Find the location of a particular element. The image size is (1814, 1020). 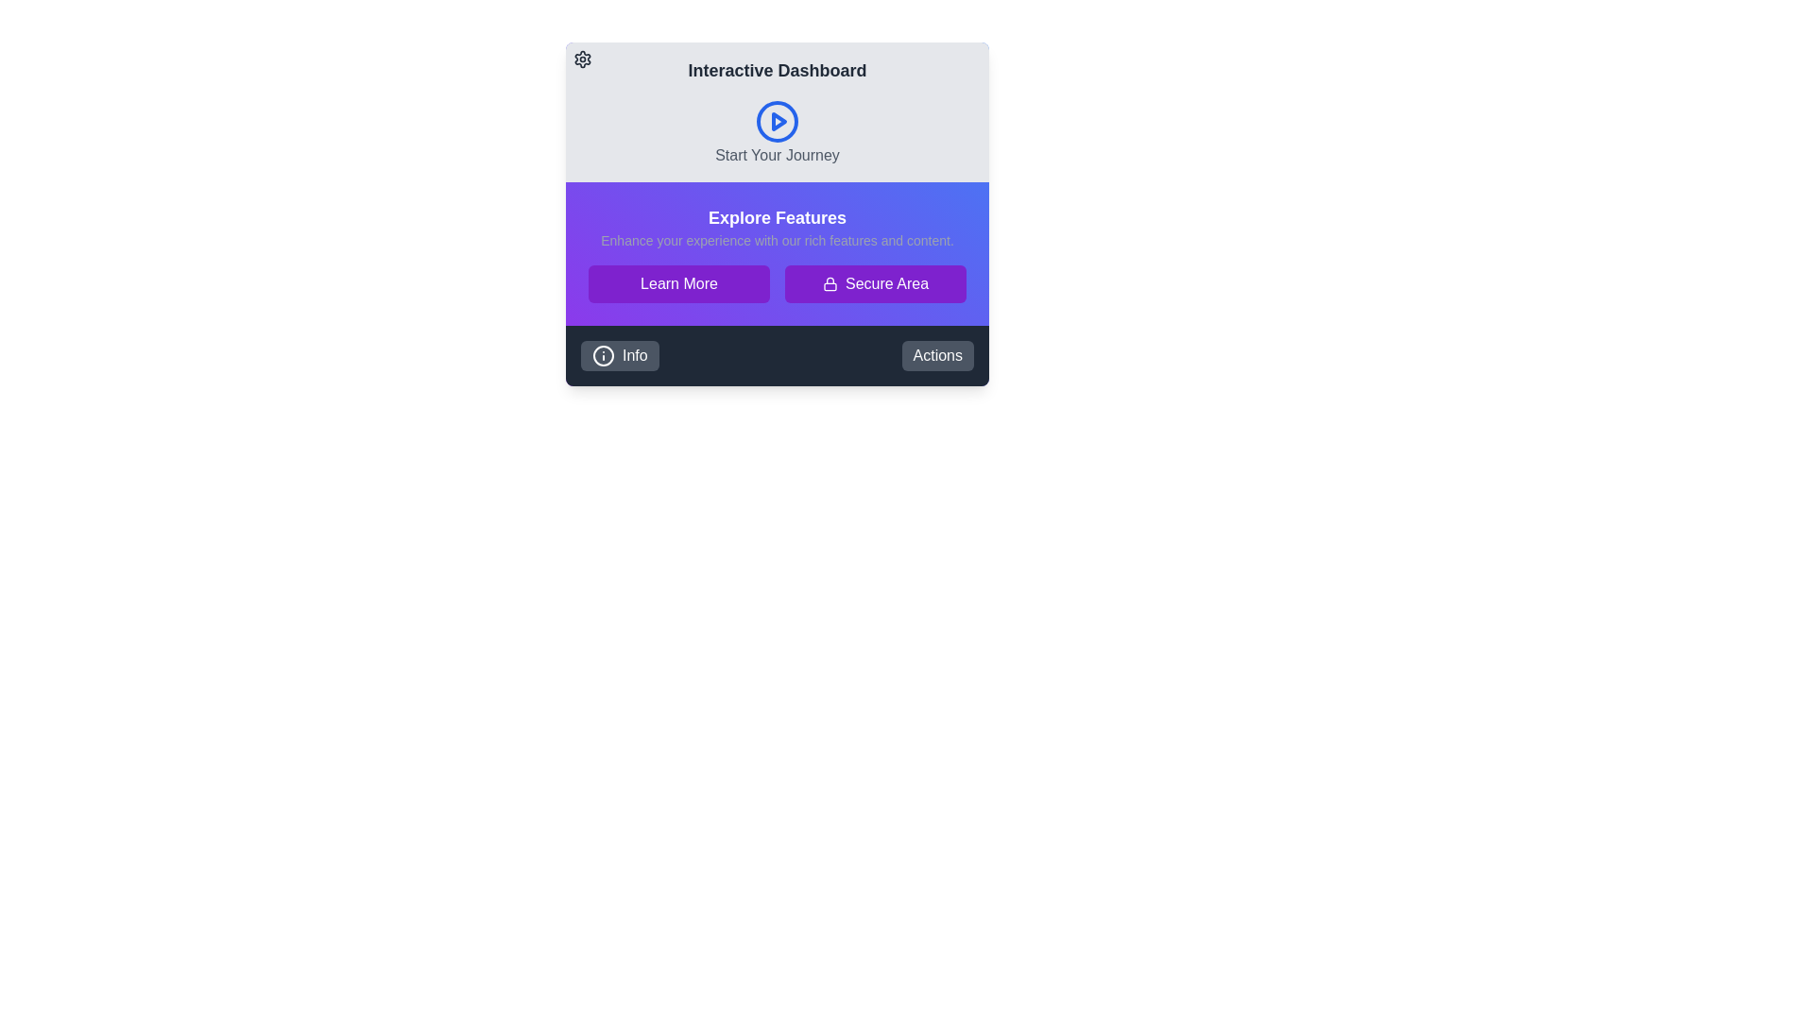

text content from the Informational Section at the top of the card-like interface, which includes the title 'Interactive Dashboard' and the subtitle 'Start Your Journey' is located at coordinates (777, 112).